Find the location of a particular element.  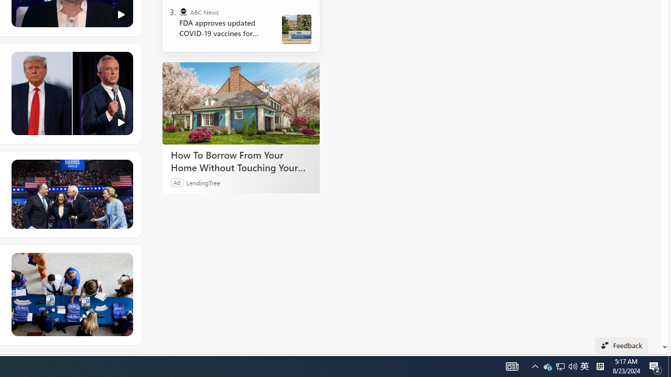

'Feedback' is located at coordinates (621, 345).